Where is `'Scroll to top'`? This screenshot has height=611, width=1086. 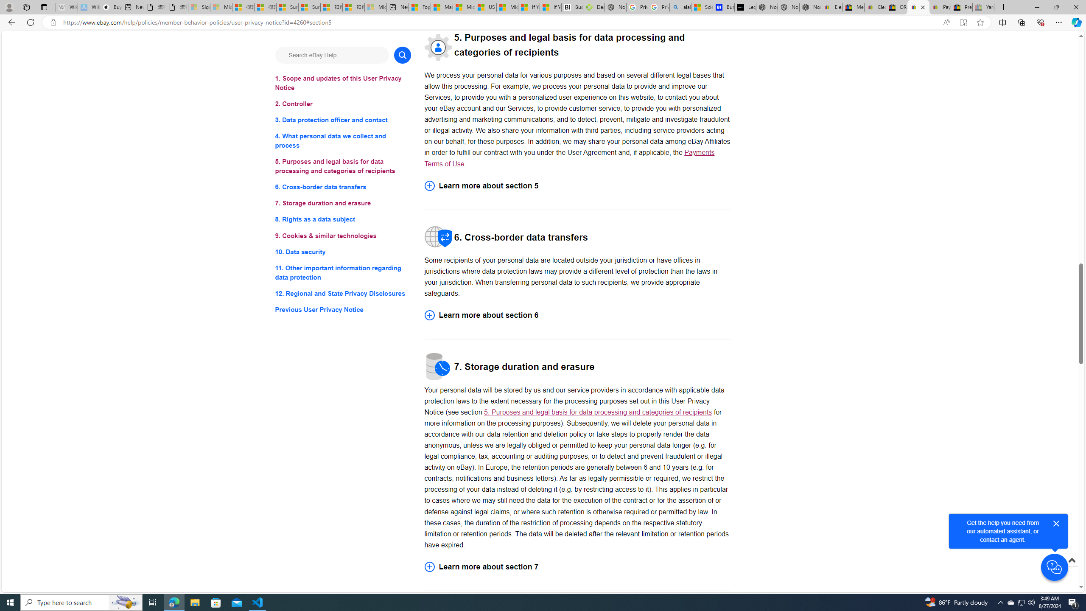
'Scroll to top' is located at coordinates (1071, 569).